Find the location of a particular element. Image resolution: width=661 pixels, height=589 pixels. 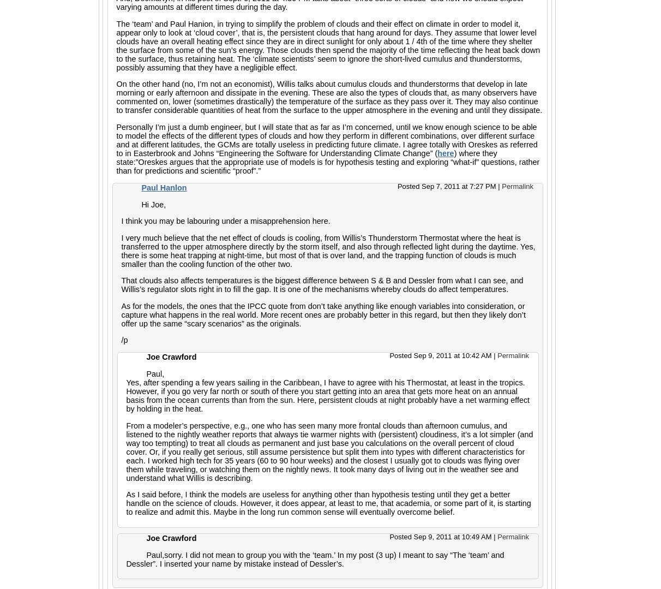

'From a modeler’s perspective, e.g., one who has seen many more frontal clouds than afternoon cumulus, and listened to the nightly weather reports that always tie warmer nights with (persistent) cloudiness, it’s a lot simpler (and way too tempting) to treat all clouds as permanent and just base you calculations on the overall percent of cloud cover.  Or, if you really get serious, still assume persistence but split them into types with different characteristics for each.  I worked high tech for 35 years (60 to 90 hour weeks) and the closest I usually got to clouds was flying over them while traveling, or watching them on the nightly news.  It took many days of living out in the weather see and understand what Willis is describing.' is located at coordinates (329, 451).